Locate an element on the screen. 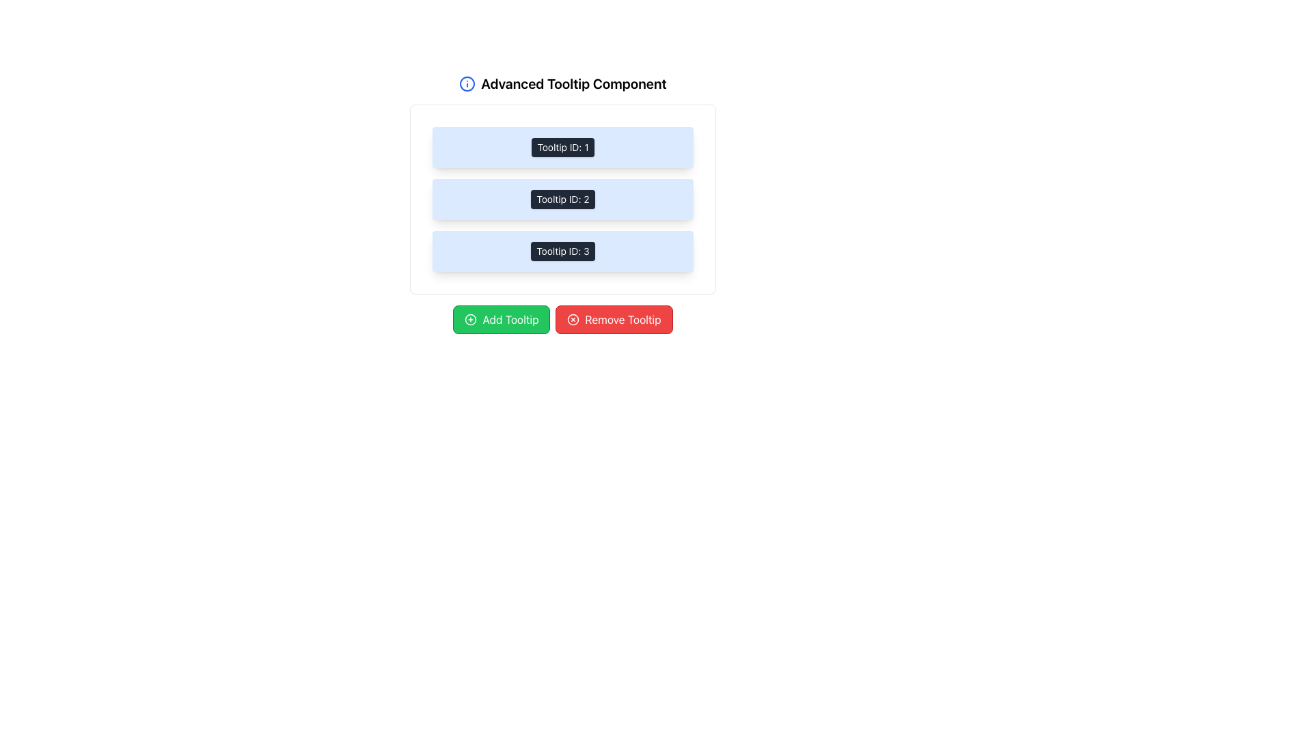  text displayed in the first tooltip, which shows 'Tooltip ID: 1' in white on a dark background is located at coordinates (563, 148).